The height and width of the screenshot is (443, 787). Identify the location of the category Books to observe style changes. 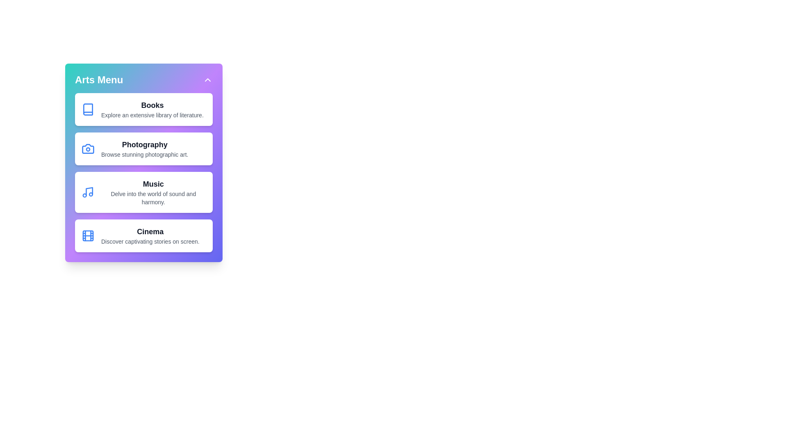
(143, 109).